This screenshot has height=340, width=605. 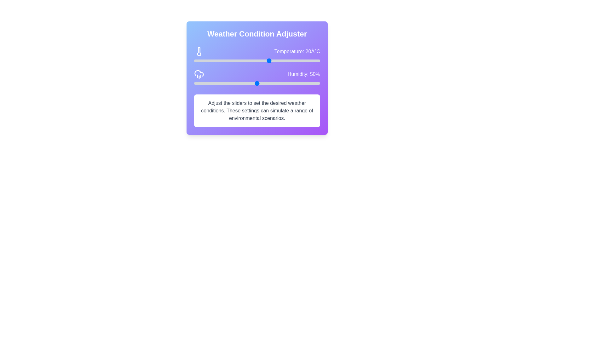 I want to click on the humidity slider to set the value to 72%, so click(x=284, y=83).